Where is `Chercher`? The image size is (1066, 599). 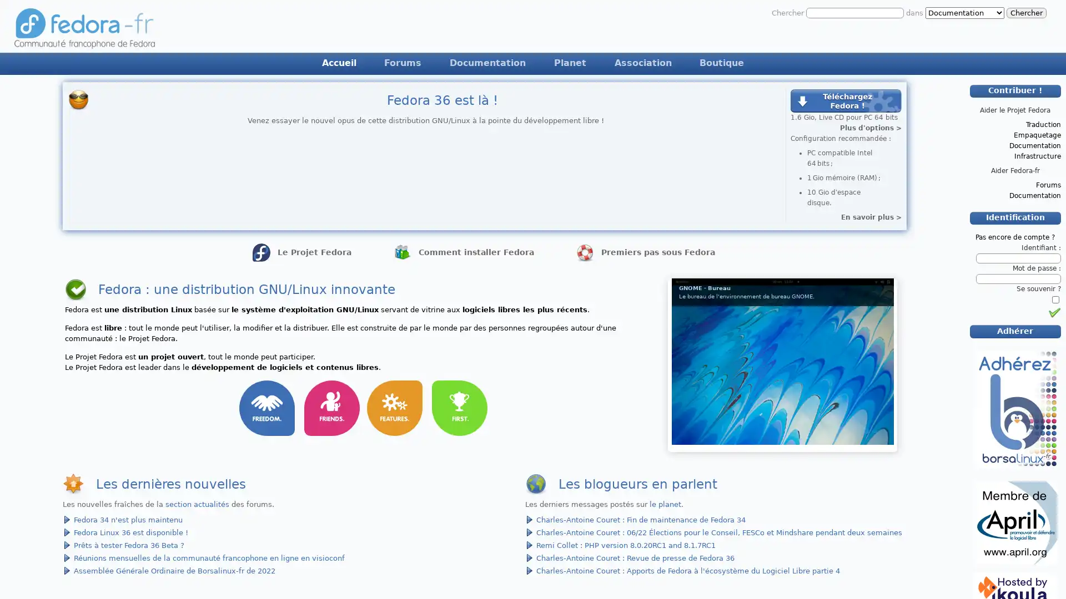 Chercher is located at coordinates (1025, 13).